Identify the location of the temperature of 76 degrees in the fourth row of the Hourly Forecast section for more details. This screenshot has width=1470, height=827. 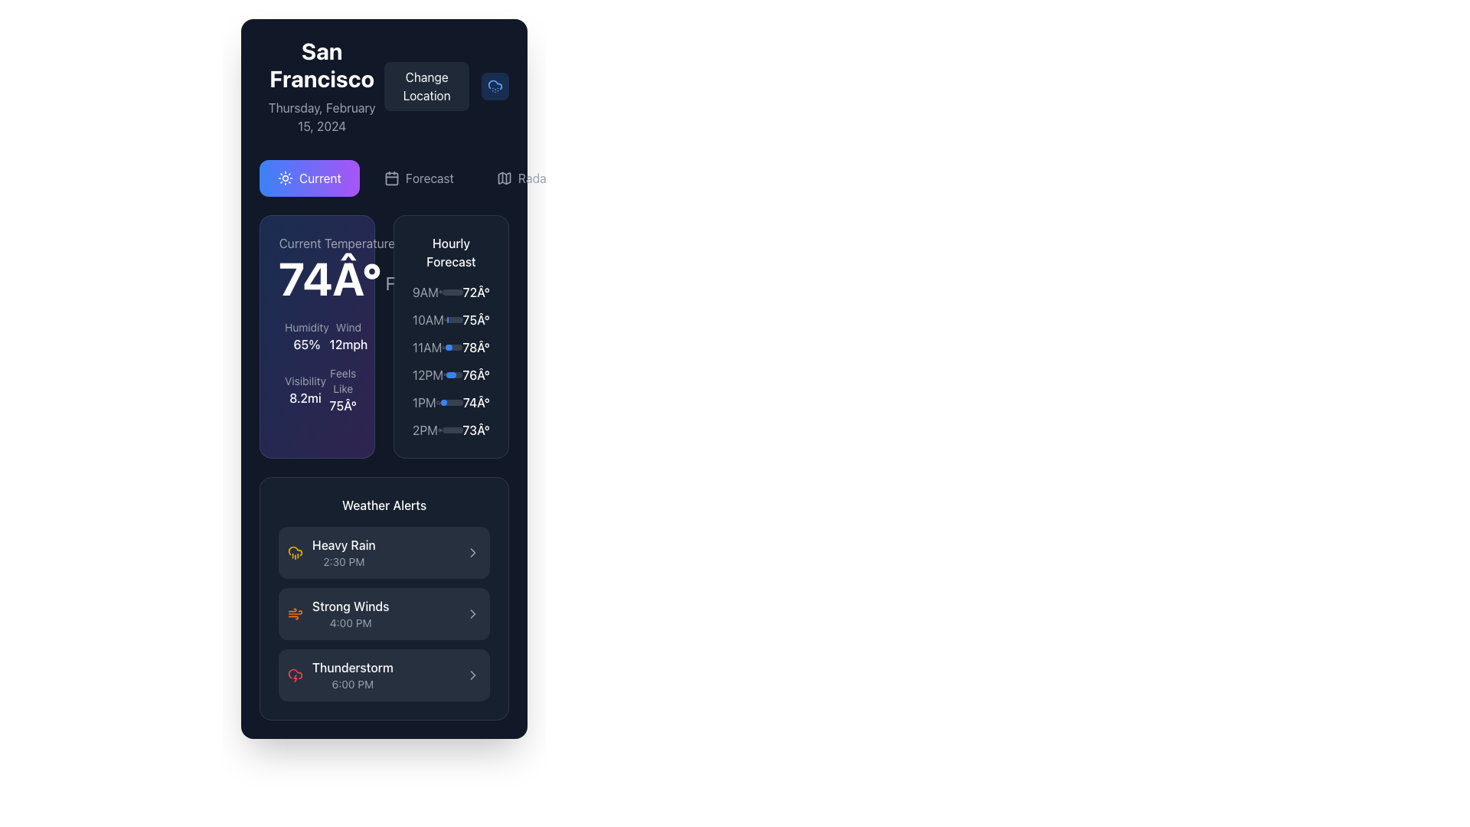
(450, 374).